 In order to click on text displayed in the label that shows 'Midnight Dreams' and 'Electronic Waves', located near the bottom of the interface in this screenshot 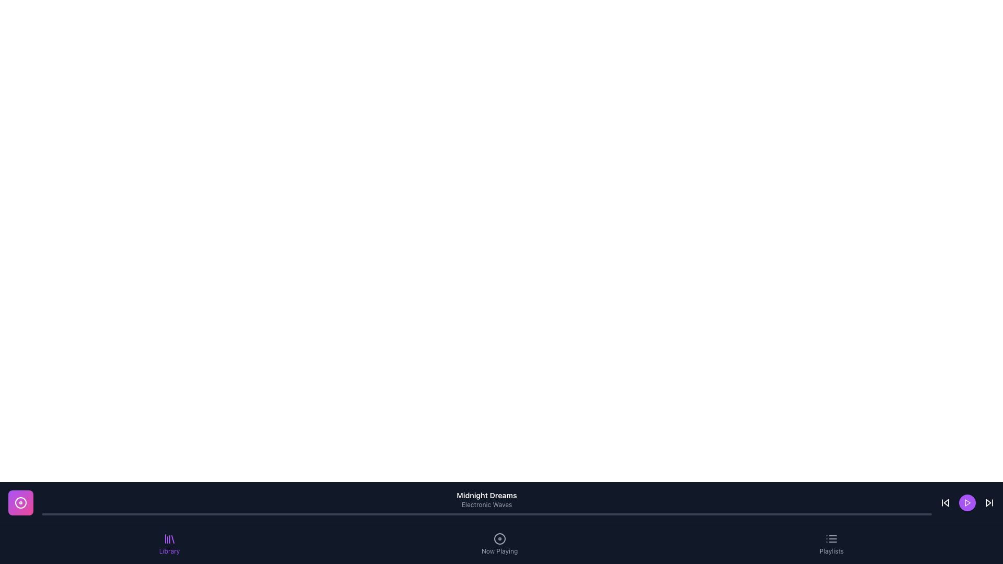, I will do `click(486, 502)`.